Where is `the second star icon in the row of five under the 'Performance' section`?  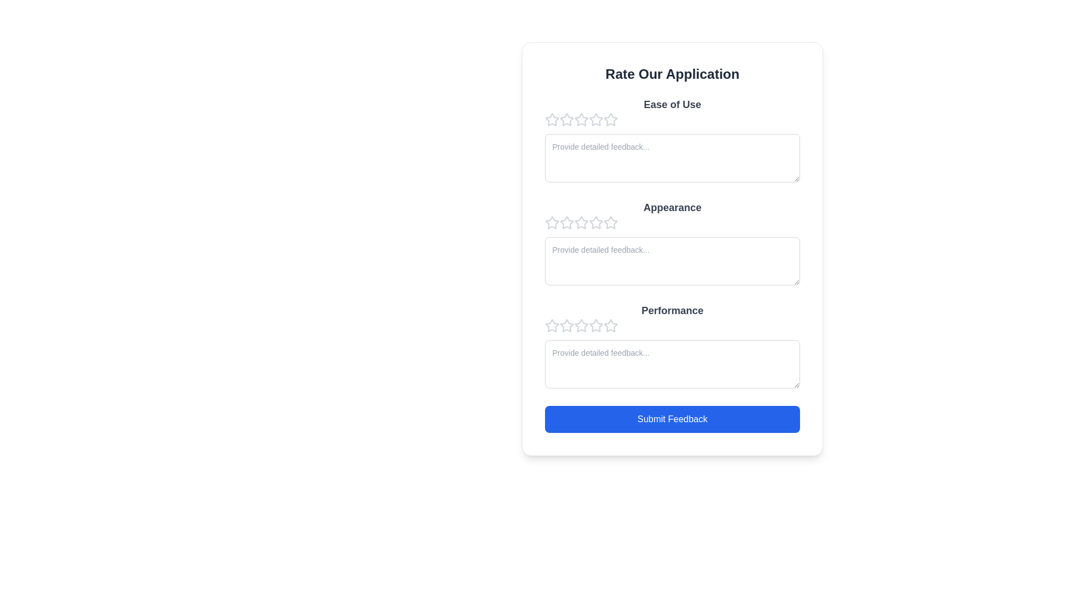 the second star icon in the row of five under the 'Performance' section is located at coordinates (581, 325).